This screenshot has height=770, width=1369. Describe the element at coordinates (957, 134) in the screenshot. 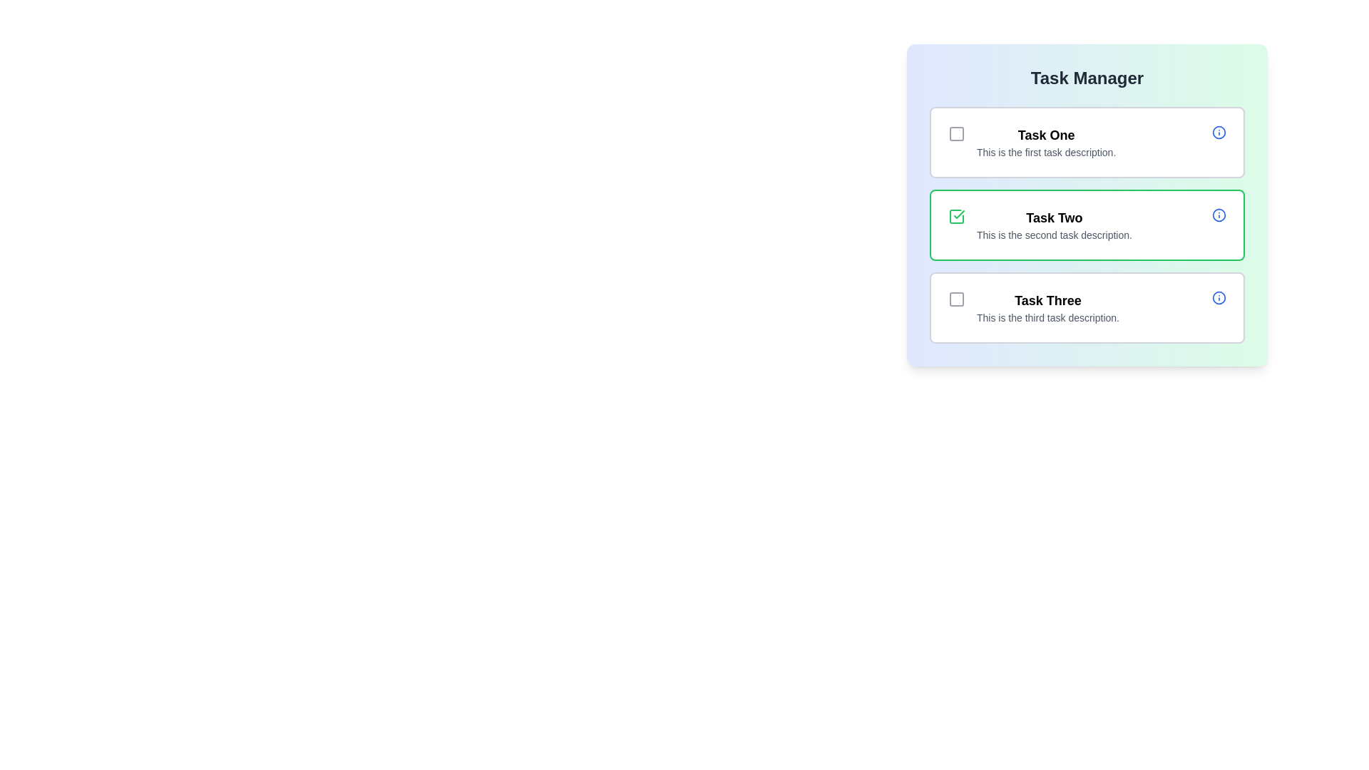

I see `the small square icon with rounded corners located in the top-left corner of the 'Task One' item in the task list` at that location.